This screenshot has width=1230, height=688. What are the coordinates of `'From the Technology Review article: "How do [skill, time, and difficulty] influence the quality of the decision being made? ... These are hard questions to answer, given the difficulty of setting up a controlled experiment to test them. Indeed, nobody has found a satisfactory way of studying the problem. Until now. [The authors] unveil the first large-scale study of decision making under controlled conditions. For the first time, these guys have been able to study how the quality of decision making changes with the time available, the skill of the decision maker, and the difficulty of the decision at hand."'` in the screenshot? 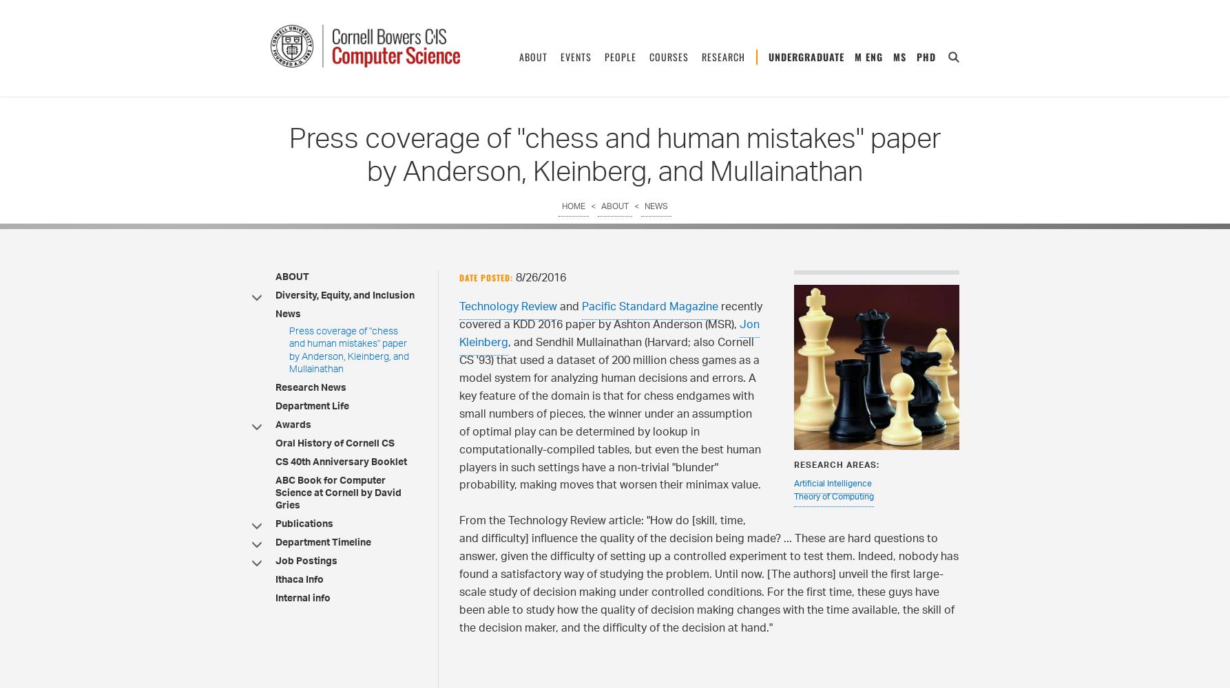 It's located at (458, 574).